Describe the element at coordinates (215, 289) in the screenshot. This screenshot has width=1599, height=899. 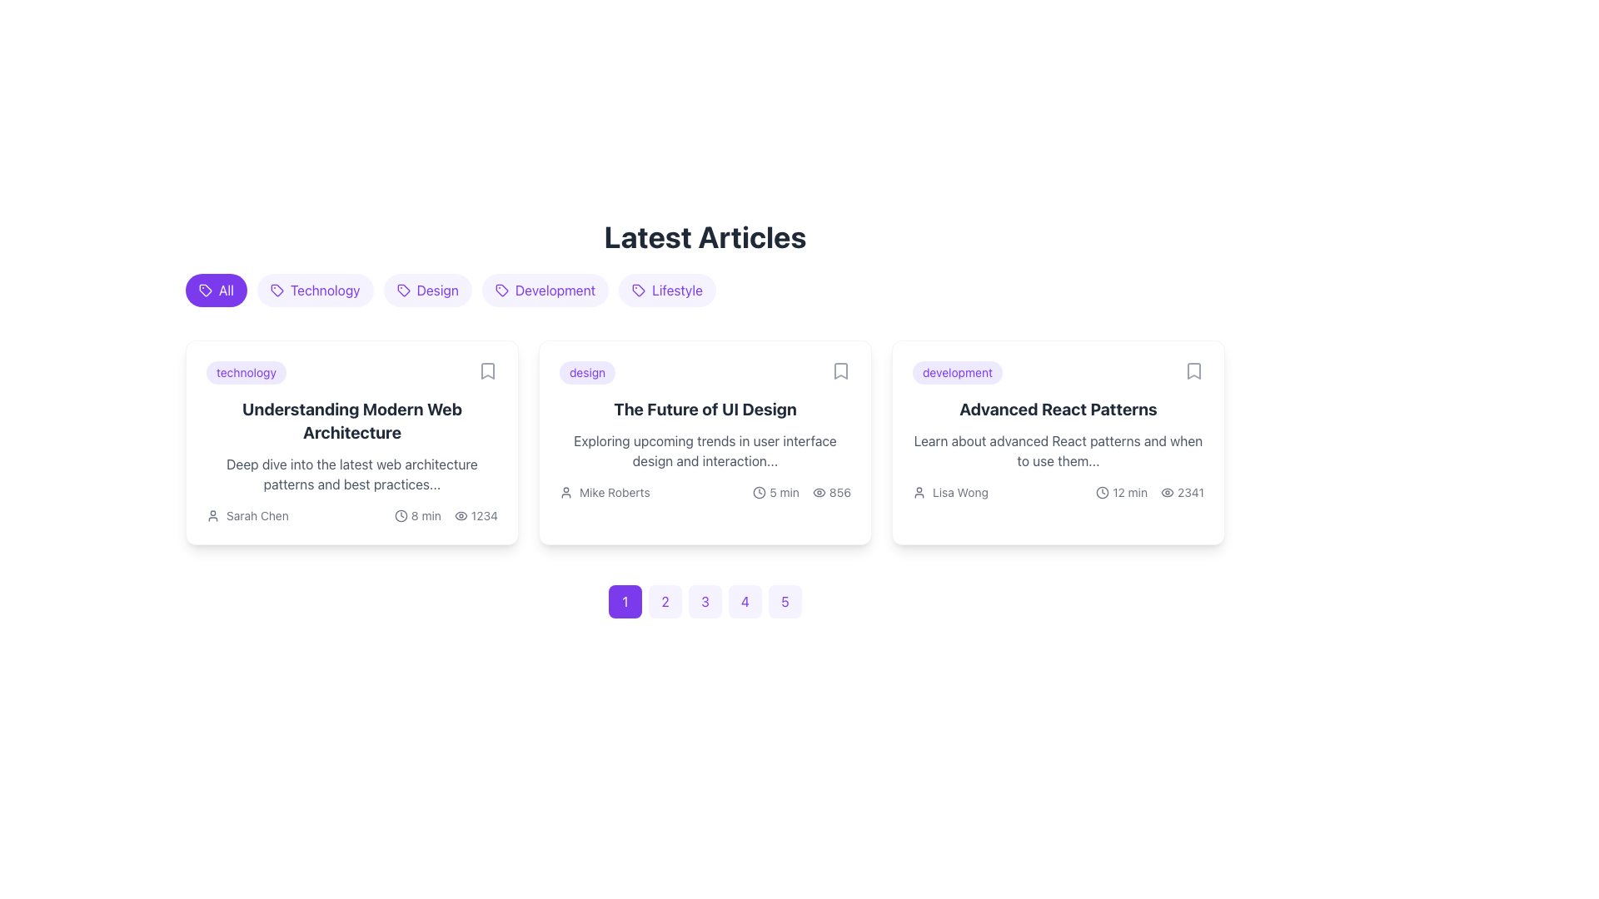
I see `the rounded rectangular button with a purple background and the text 'All' to apply the filter` at that location.